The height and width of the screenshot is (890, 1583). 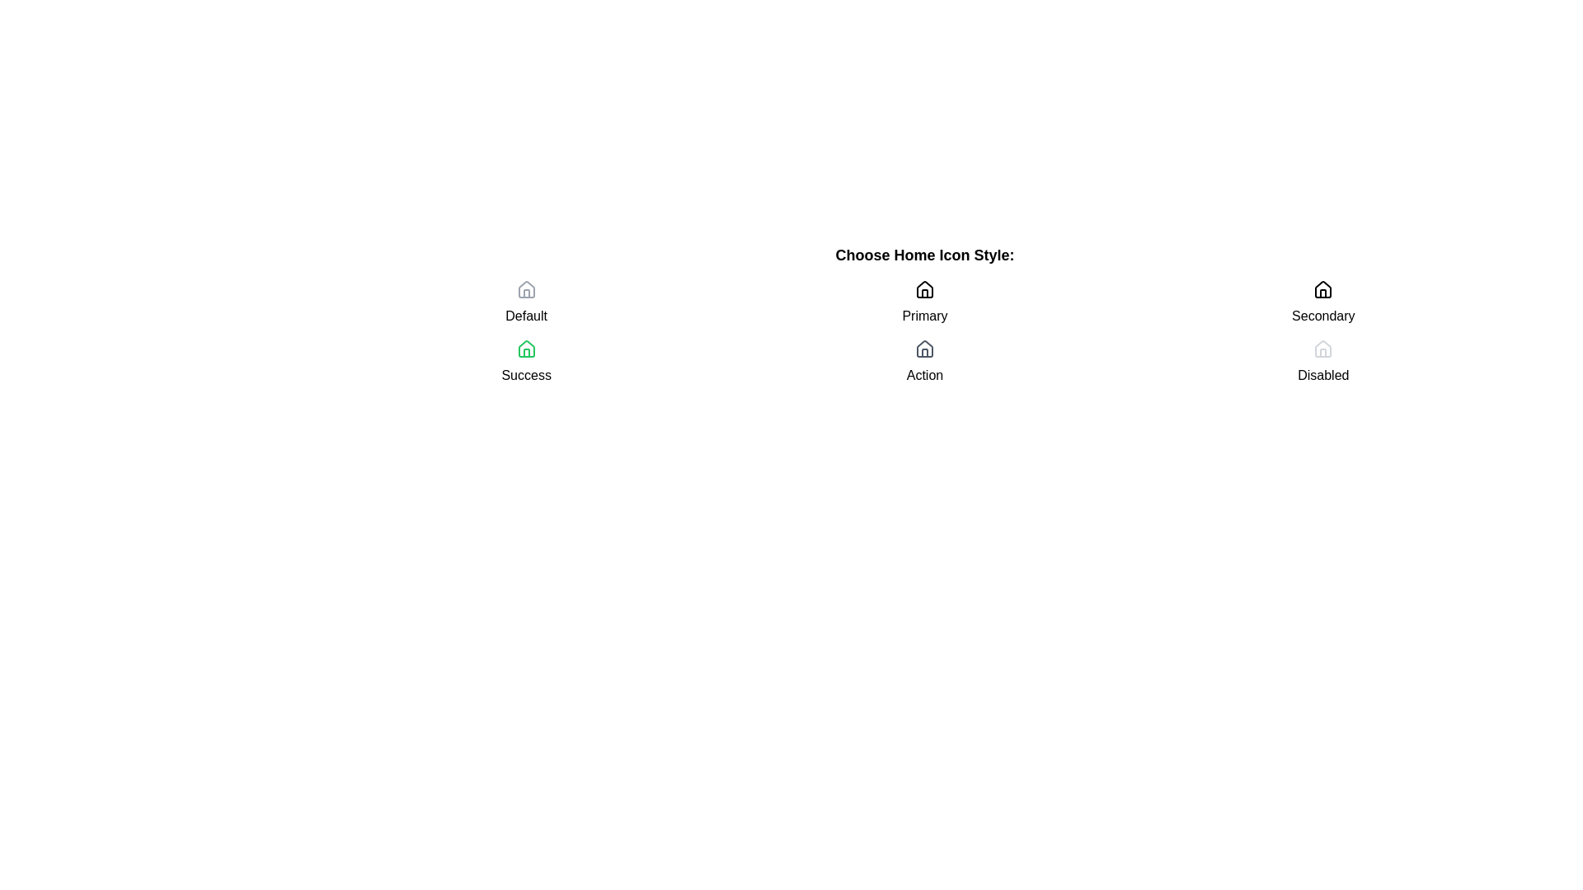 I want to click on the text element located on the right side of the layout, specifically under the home icon labeled 'Secondary', which serves as a label for the icon, so click(x=1323, y=316).